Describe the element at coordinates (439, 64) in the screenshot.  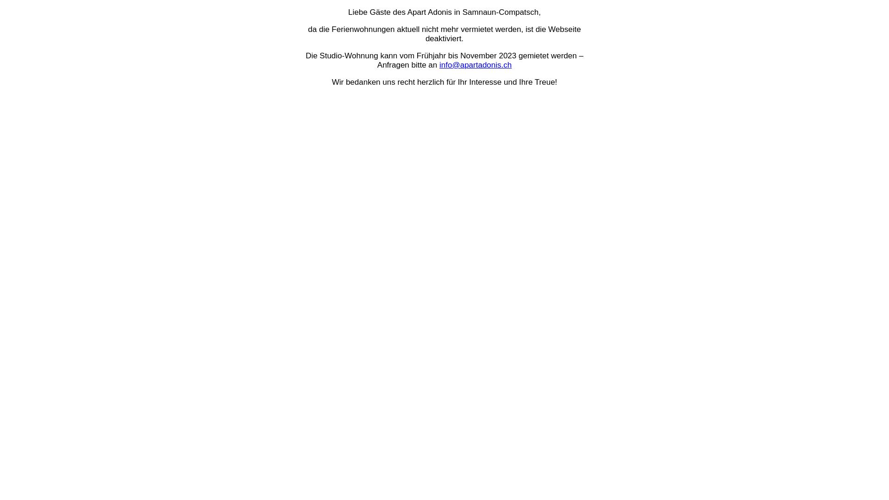
I see `'info@apartadonis.ch'` at that location.